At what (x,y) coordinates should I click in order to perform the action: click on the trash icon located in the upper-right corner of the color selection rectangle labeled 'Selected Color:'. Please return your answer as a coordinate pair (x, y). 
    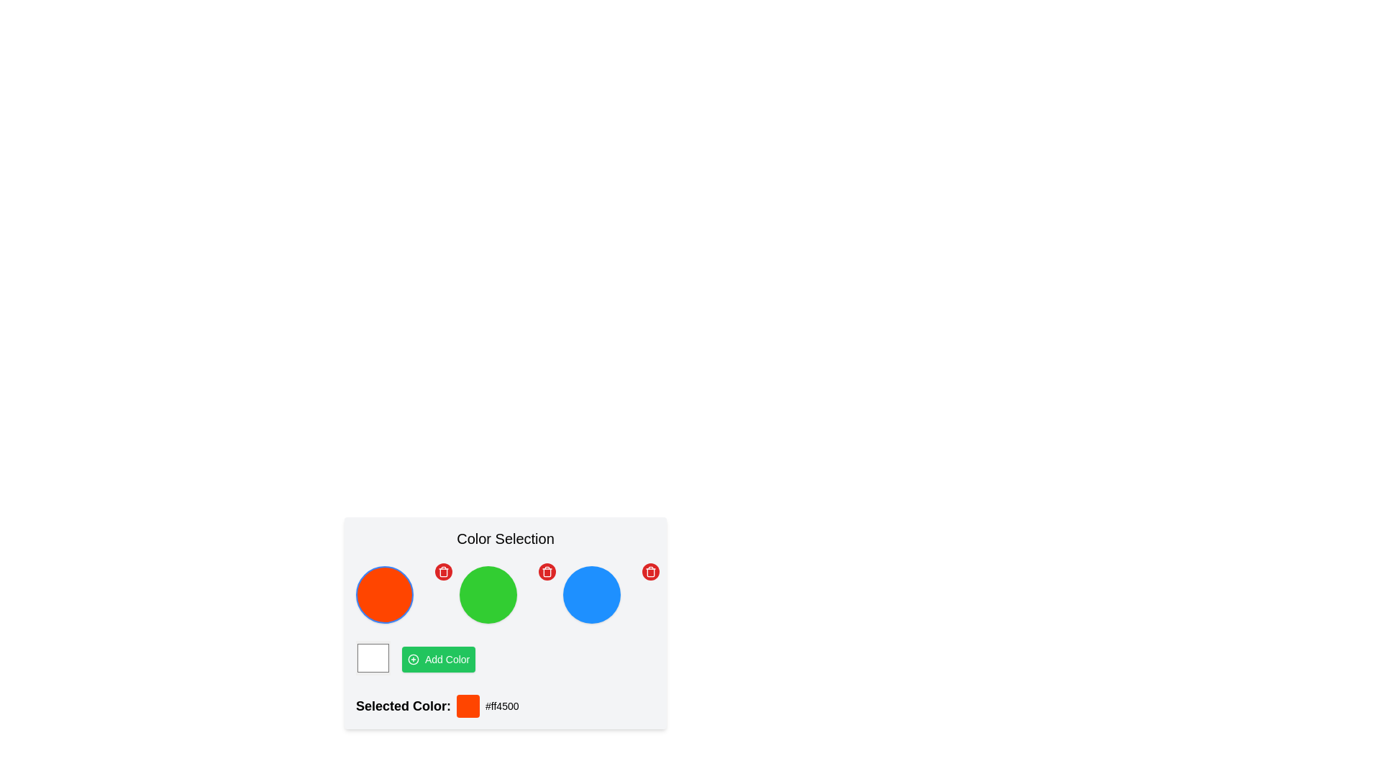
    Looking at the image, I should click on (443, 571).